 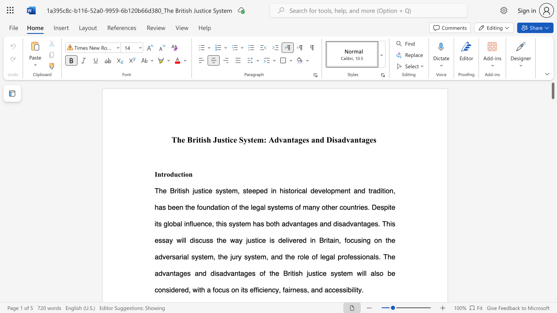 I want to click on the 1th character "o" in the text, so click(x=168, y=174).